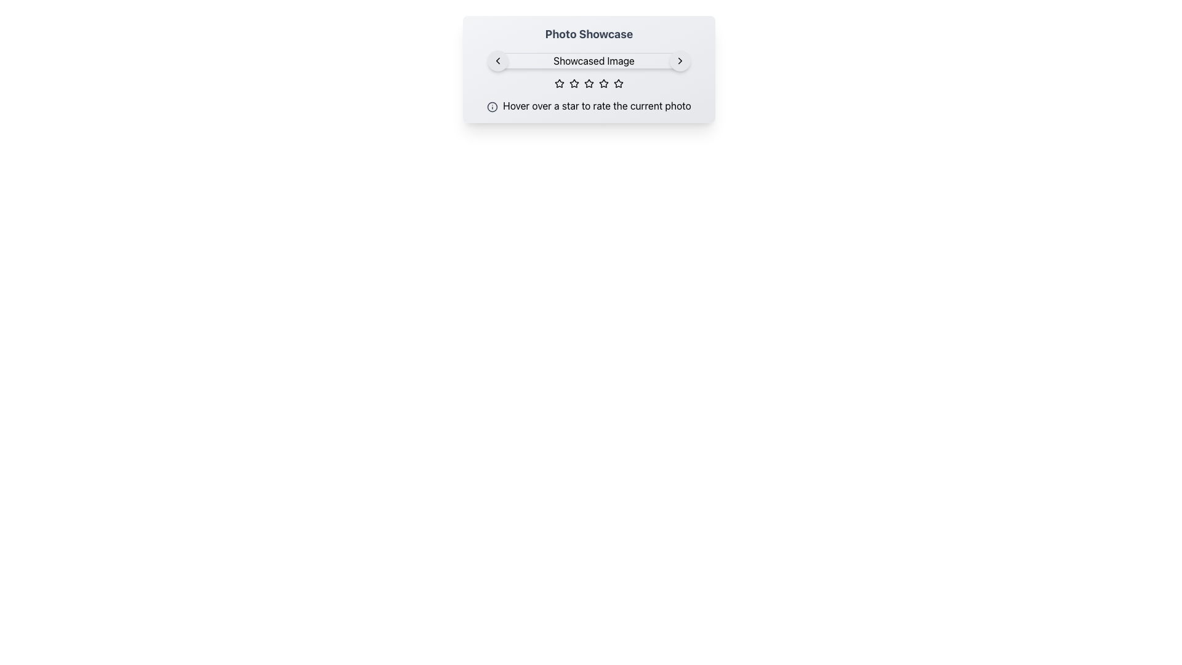 This screenshot has height=665, width=1182. What do you see at coordinates (618, 83) in the screenshot?
I see `the fifth star in the rating system` at bounding box center [618, 83].